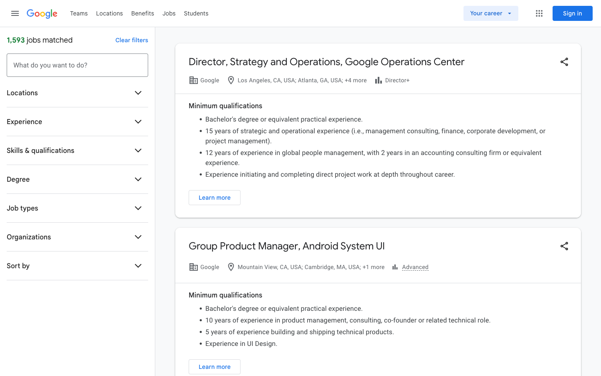 The width and height of the screenshot is (601, 376). What do you see at coordinates (42, 14) in the screenshot?
I see `Redirect to Google` at bounding box center [42, 14].